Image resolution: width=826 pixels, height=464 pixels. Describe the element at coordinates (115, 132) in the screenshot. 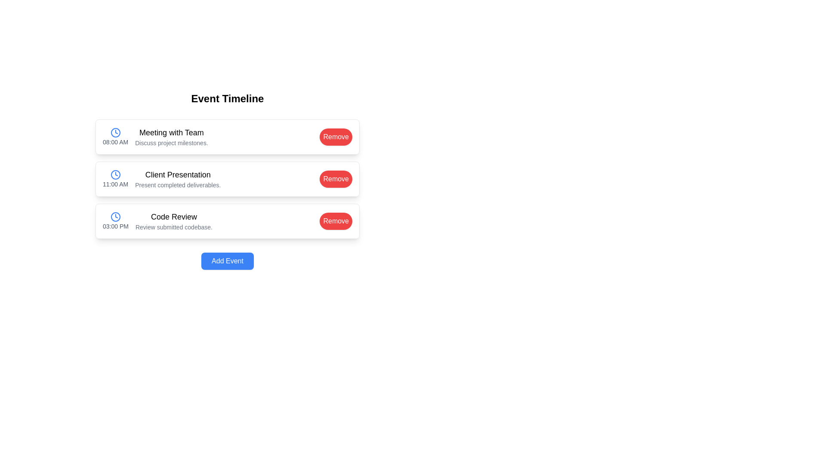

I see `the Circular clock icon located on the left side of the first row in the timeline list under the 'Event Timeline' section, adjacent to the 'Meeting with Team' text and '08:00 AM' time description` at that location.